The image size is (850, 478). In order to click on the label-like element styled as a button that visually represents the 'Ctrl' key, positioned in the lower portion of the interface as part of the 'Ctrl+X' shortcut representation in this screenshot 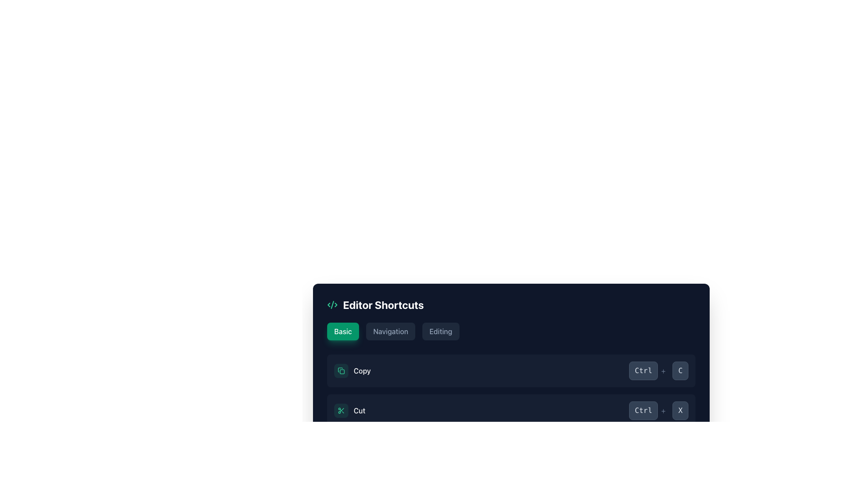, I will do `click(649, 411)`.